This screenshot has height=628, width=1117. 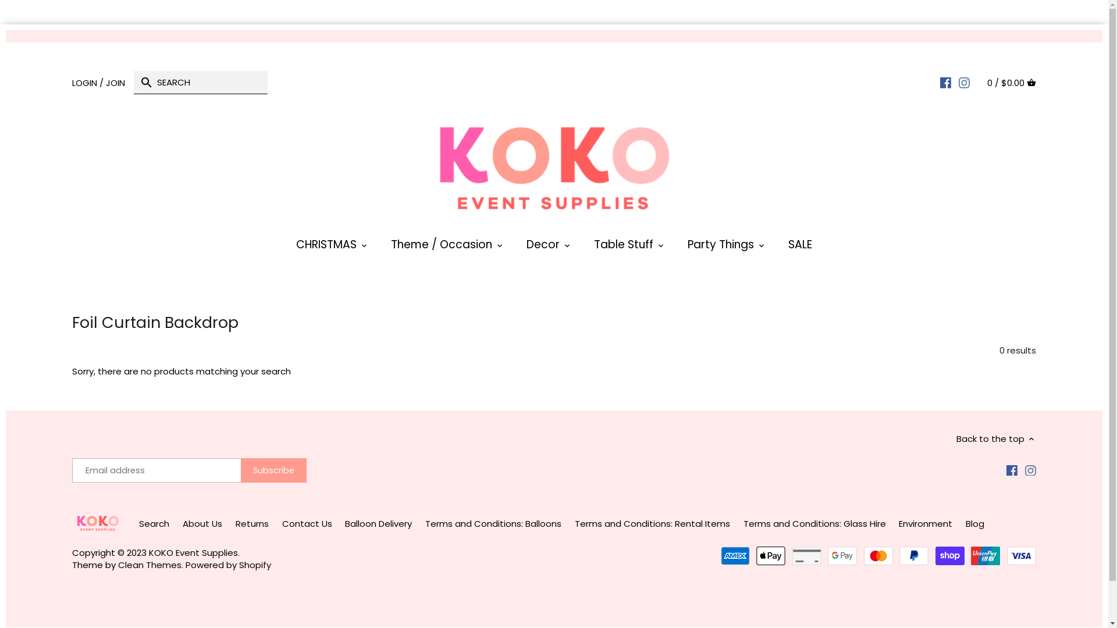 What do you see at coordinates (115, 81) in the screenshot?
I see `'JOIN'` at bounding box center [115, 81].